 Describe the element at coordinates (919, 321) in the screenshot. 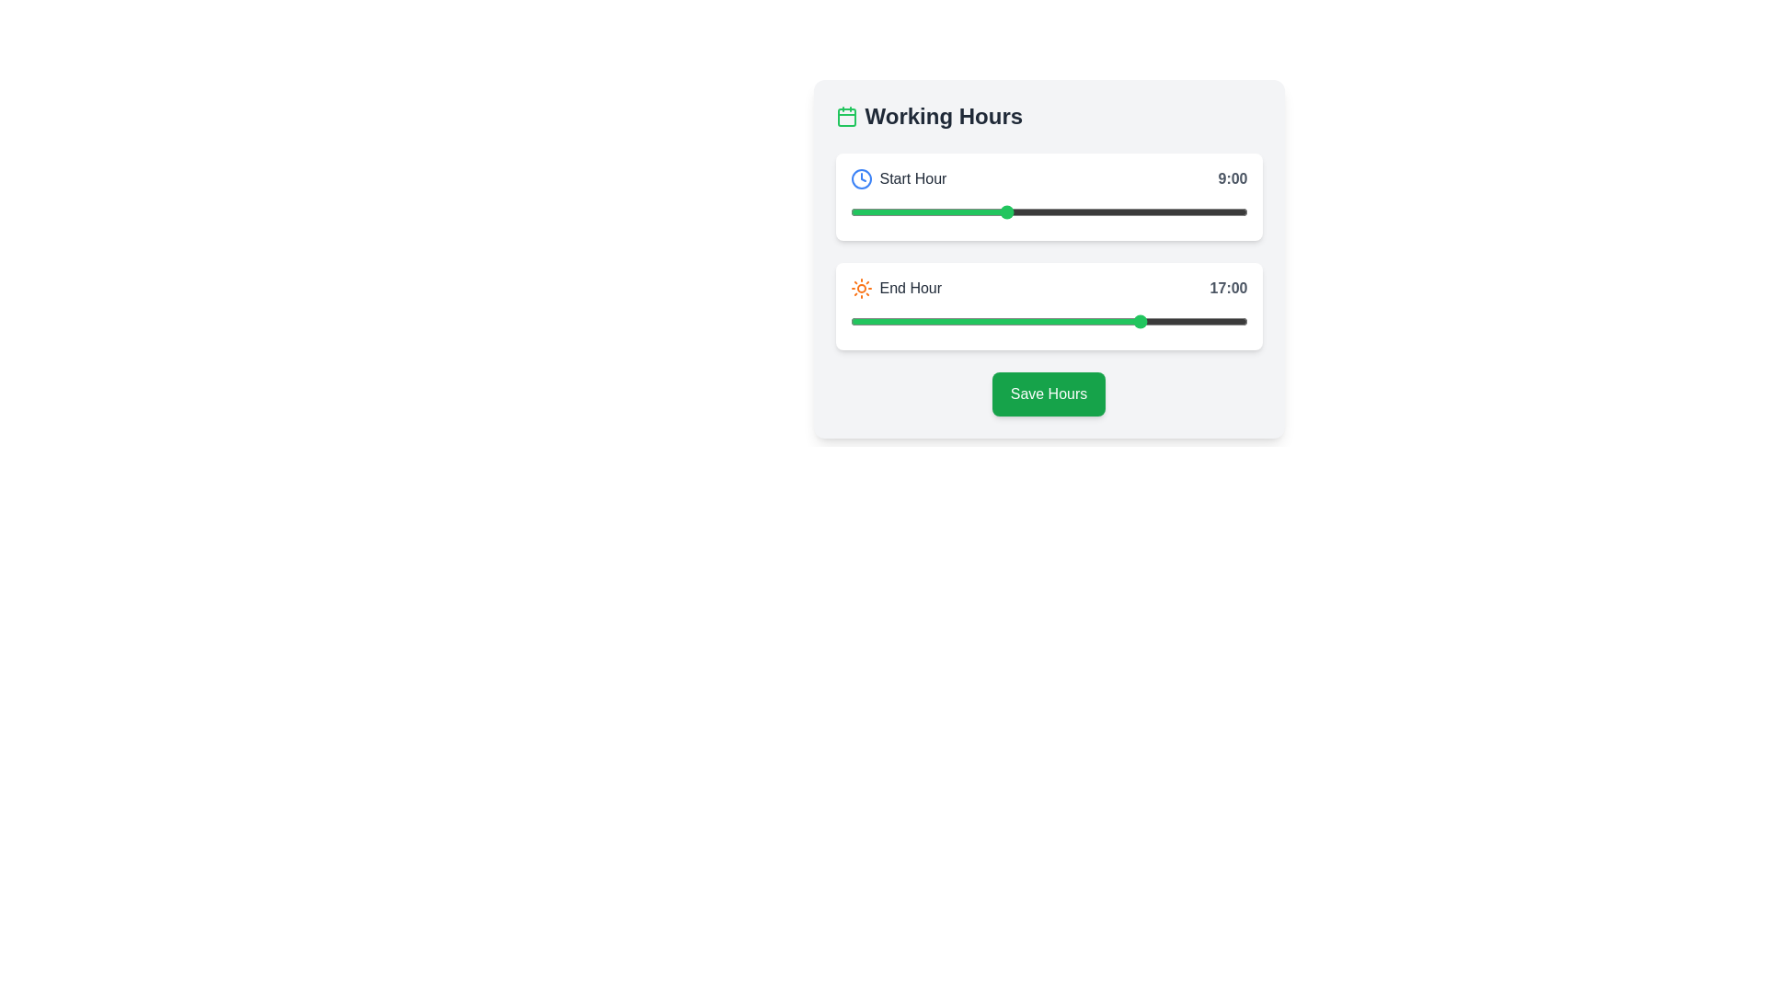

I see `the end hour` at that location.